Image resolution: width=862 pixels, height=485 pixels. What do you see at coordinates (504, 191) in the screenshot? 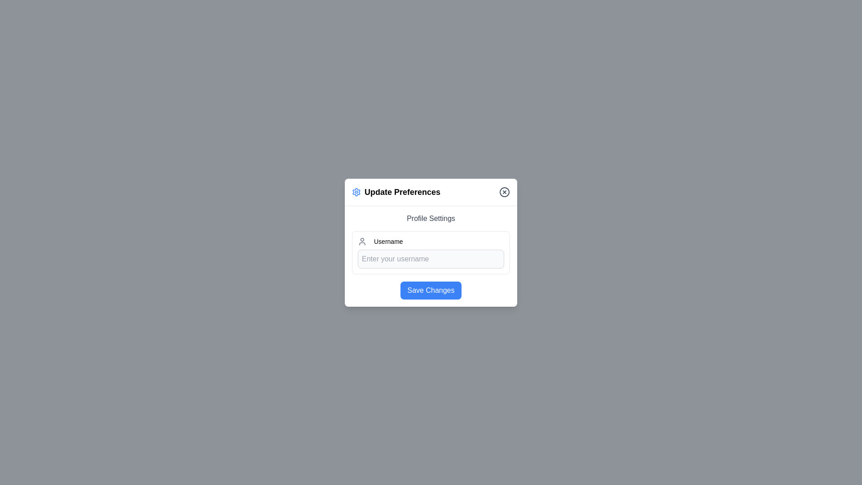
I see `the close button to hide the panel` at bounding box center [504, 191].